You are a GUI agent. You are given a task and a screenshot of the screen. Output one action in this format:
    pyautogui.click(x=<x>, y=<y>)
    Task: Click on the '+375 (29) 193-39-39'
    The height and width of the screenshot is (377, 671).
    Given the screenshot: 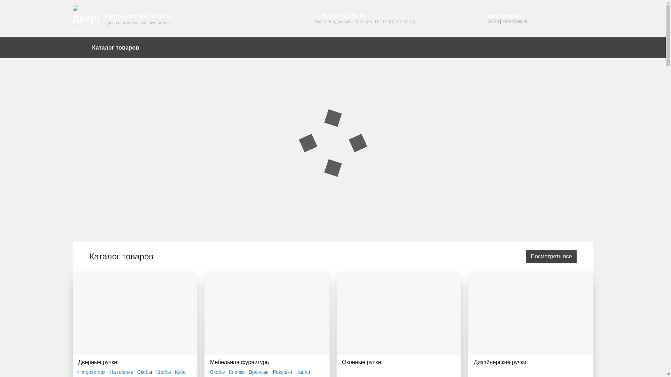 What is the action you would take?
    pyautogui.click(x=364, y=16)
    